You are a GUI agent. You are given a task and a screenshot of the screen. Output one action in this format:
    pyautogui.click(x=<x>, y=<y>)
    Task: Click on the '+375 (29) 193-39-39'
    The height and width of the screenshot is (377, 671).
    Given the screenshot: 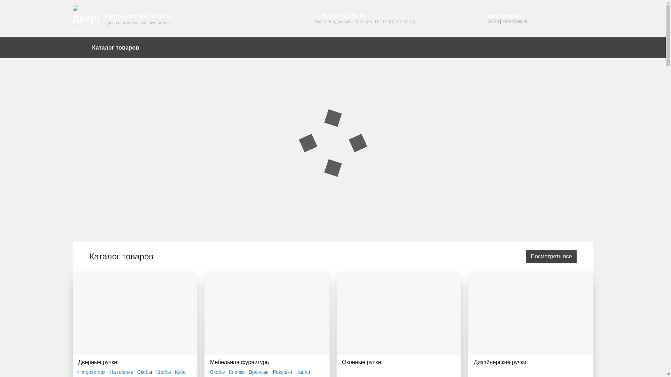 What is the action you would take?
    pyautogui.click(x=364, y=16)
    